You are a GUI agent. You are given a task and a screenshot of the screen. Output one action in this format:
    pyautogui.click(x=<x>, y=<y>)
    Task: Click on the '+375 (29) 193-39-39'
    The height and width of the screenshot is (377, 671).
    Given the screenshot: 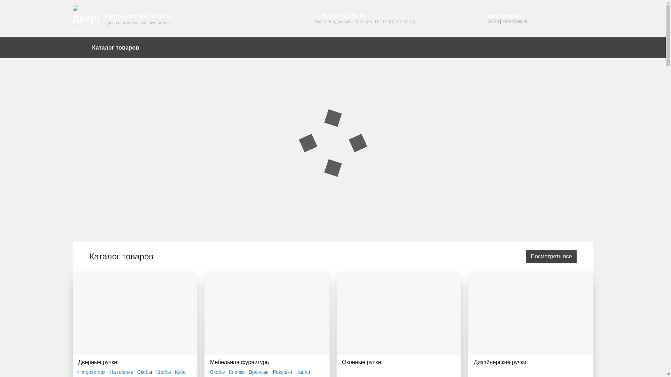 What is the action you would take?
    pyautogui.click(x=364, y=16)
    